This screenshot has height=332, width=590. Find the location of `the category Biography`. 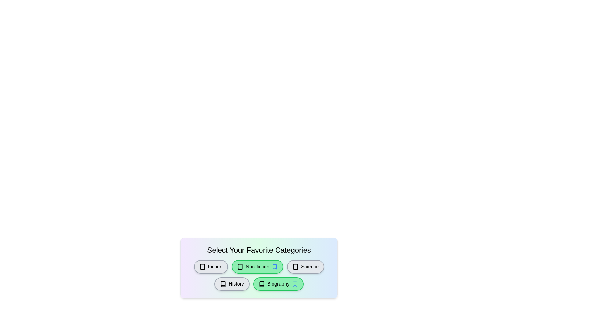

the category Biography is located at coordinates (278, 284).